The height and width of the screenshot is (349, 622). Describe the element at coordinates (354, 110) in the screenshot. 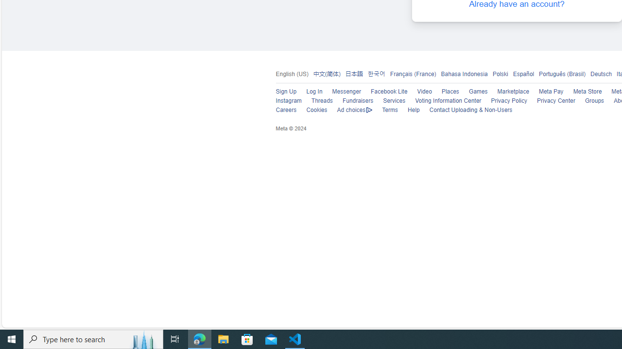

I see `'Ad choices'` at that location.